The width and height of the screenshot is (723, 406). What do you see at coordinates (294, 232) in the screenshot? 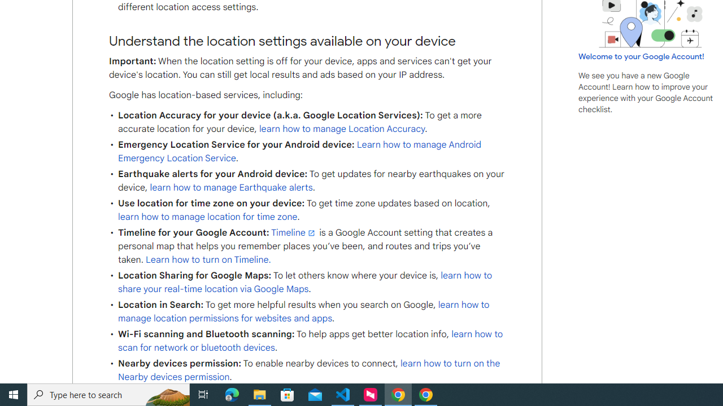
I see `'Timeline'` at bounding box center [294, 232].